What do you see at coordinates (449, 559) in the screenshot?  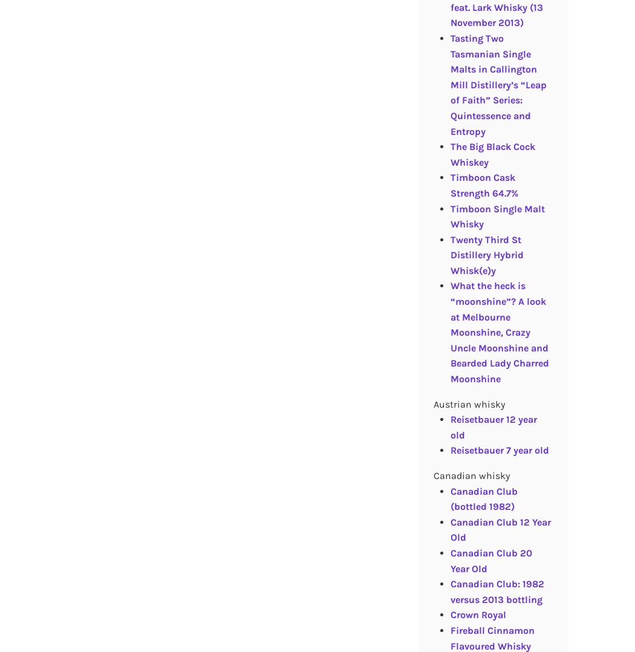 I see `'Canadian Club 20 Year Old'` at bounding box center [449, 559].